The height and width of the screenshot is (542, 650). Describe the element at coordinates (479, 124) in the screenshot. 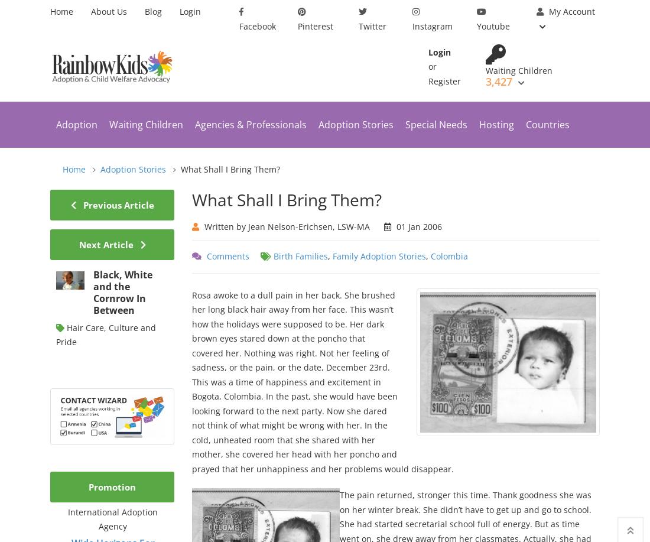

I see `'Hosting'` at that location.